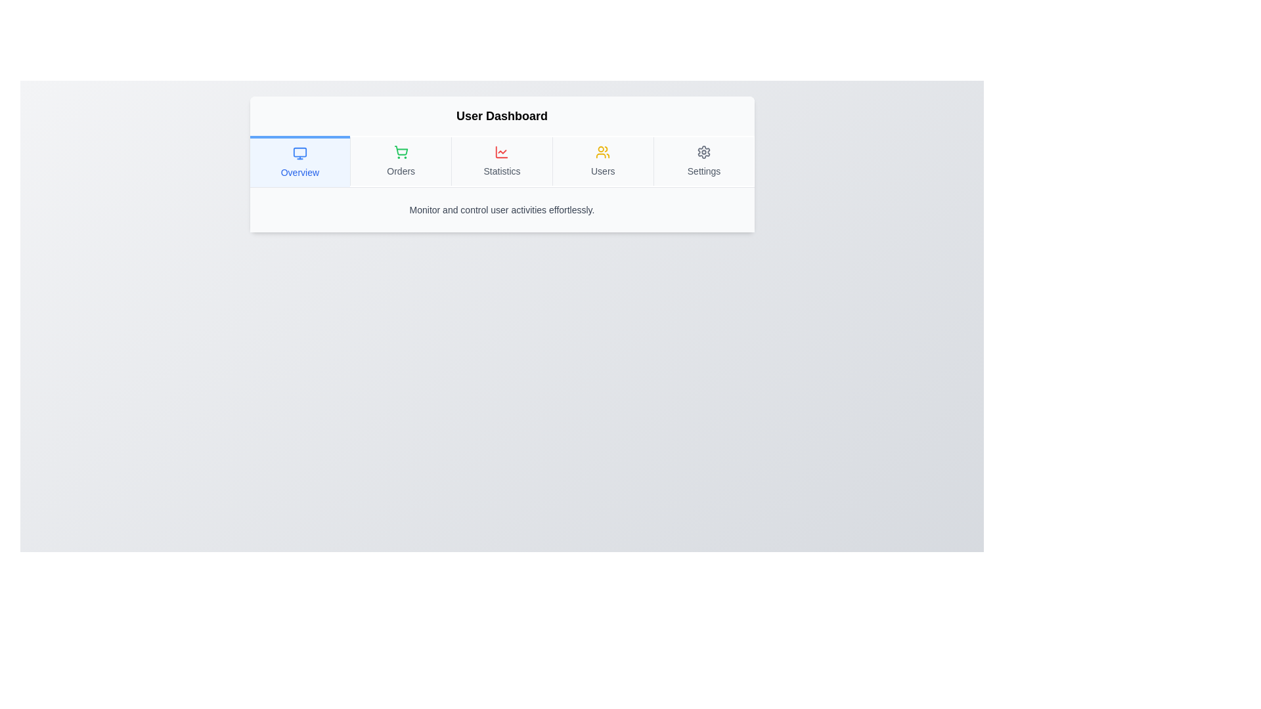 The width and height of the screenshot is (1261, 709). What do you see at coordinates (501, 209) in the screenshot?
I see `the text label that displays 'Monitor and control user activities effortlessly.' which is located below the navigation tabs in the User Dashboard interface` at bounding box center [501, 209].